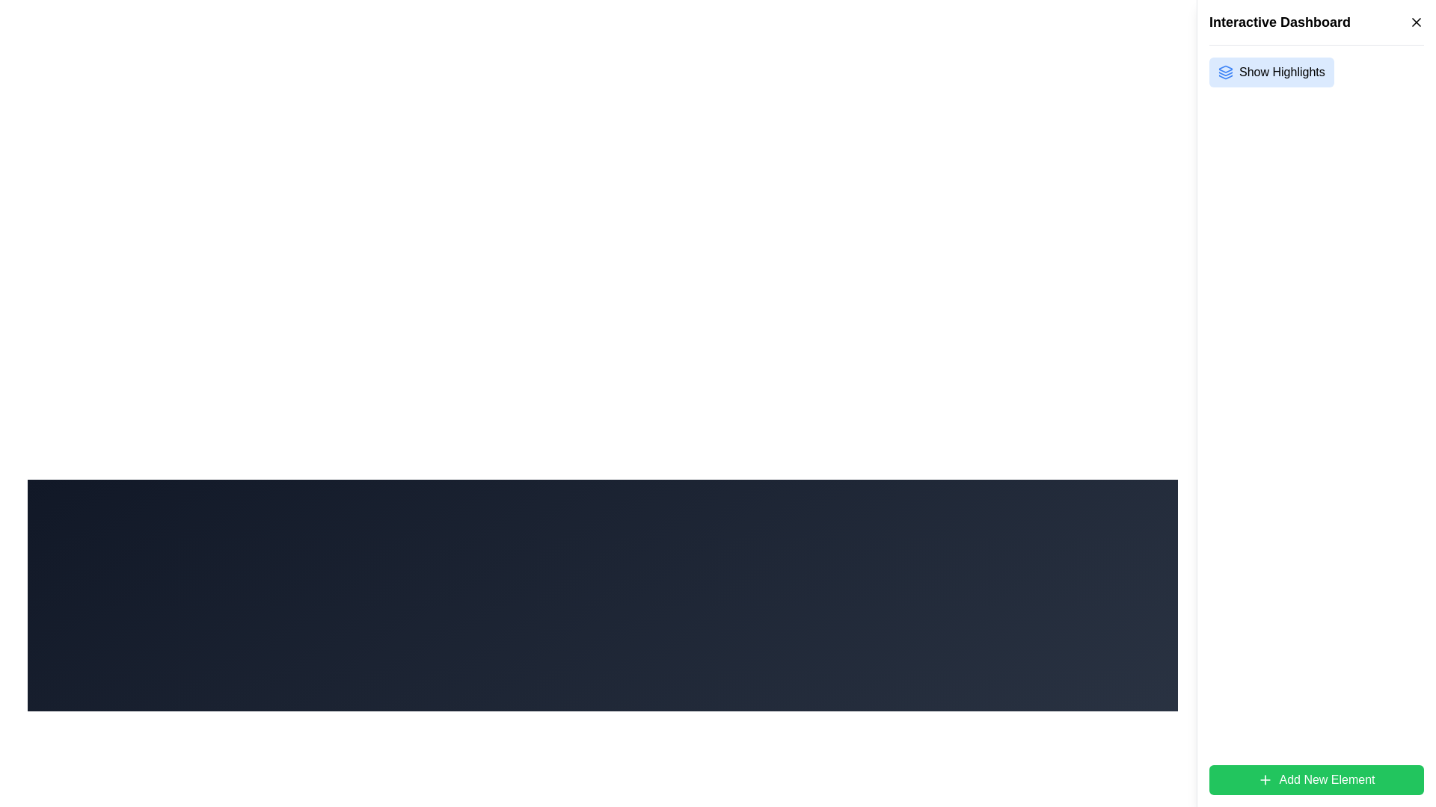  What do you see at coordinates (1271, 72) in the screenshot?
I see `the clickable button with a blue background and rounded edges labeled 'Show Highlights', which features a blue stack of layers icon, to observe the hover effect` at bounding box center [1271, 72].